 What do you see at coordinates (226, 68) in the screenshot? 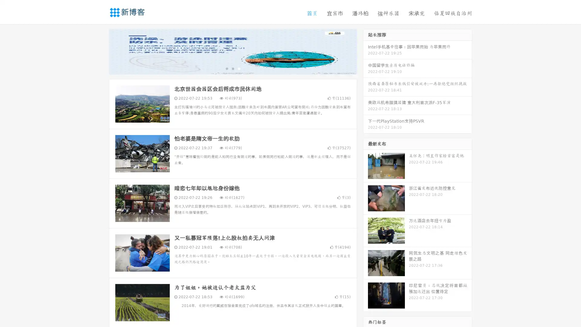
I see `Go to slide 1` at bounding box center [226, 68].